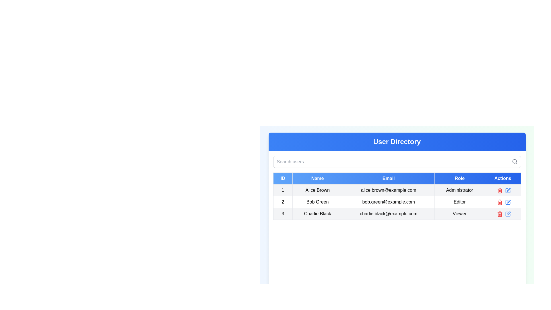 The width and height of the screenshot is (551, 310). I want to click on the email address text label displaying 'alice.brown@example.com', so click(389, 190).